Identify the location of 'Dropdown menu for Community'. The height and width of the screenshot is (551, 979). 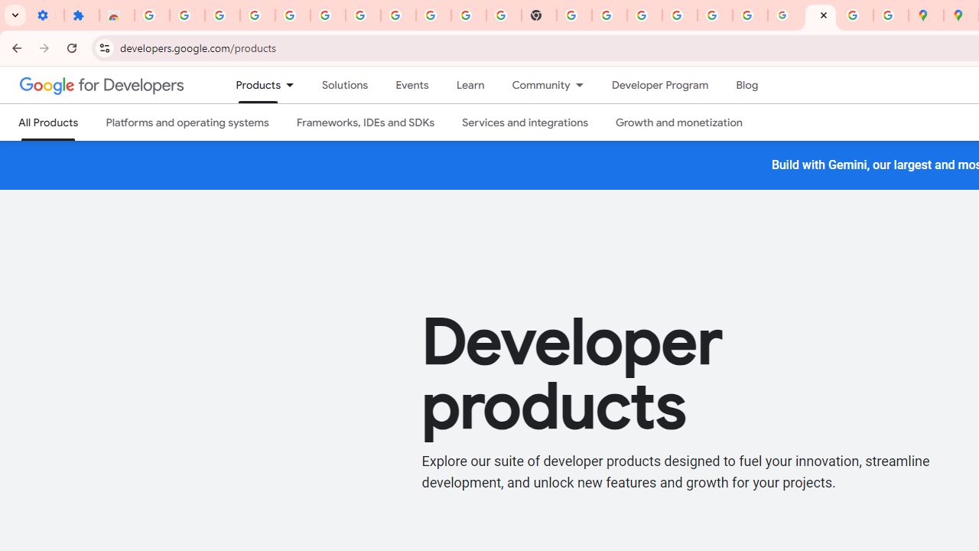
(583, 85).